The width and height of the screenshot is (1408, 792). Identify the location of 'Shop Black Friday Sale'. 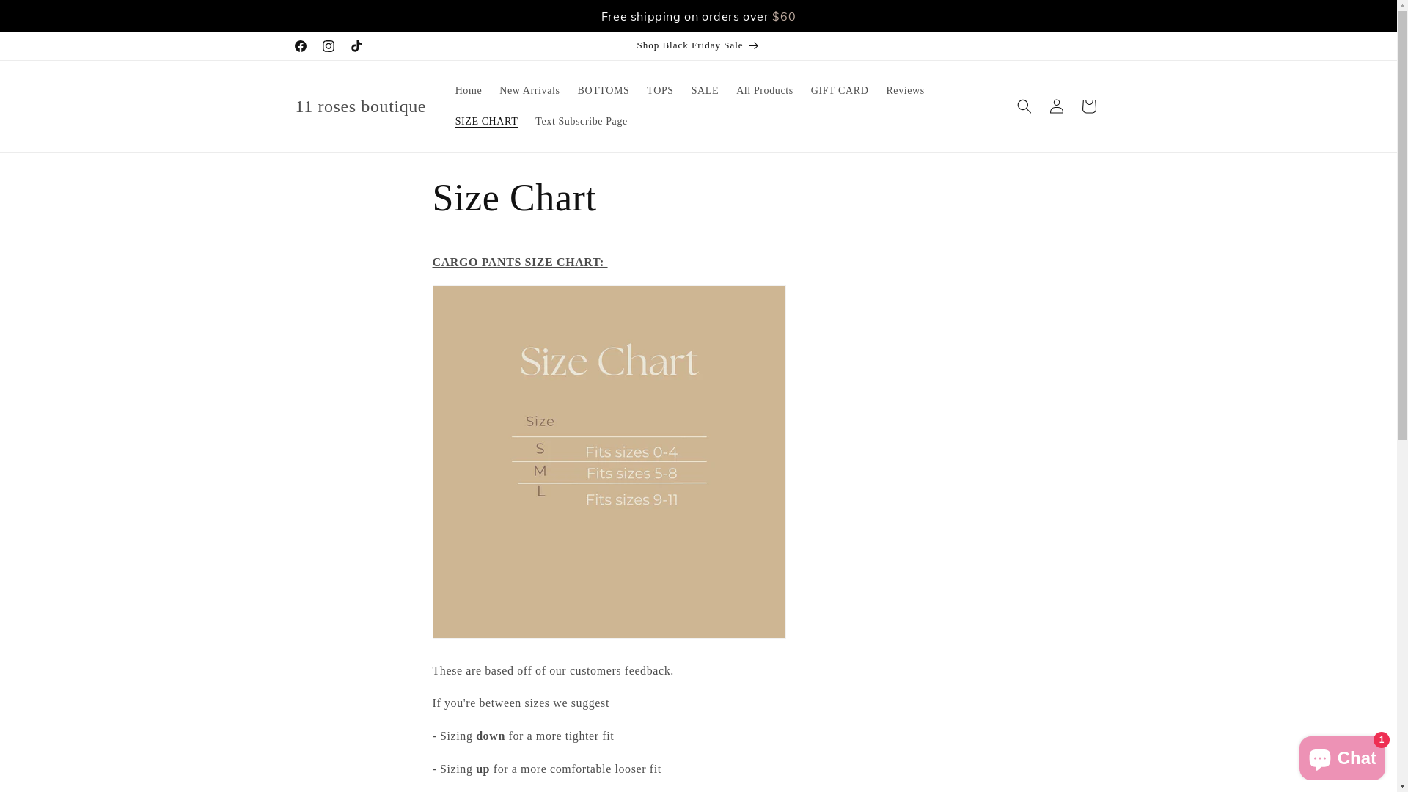
(697, 45).